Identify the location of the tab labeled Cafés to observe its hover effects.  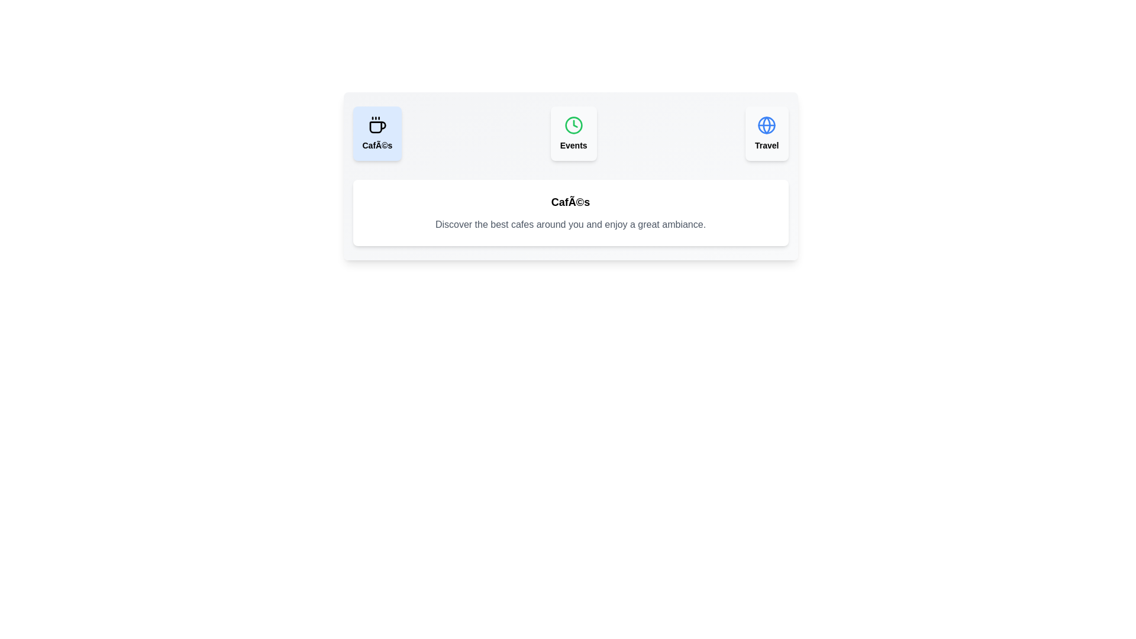
(376, 133).